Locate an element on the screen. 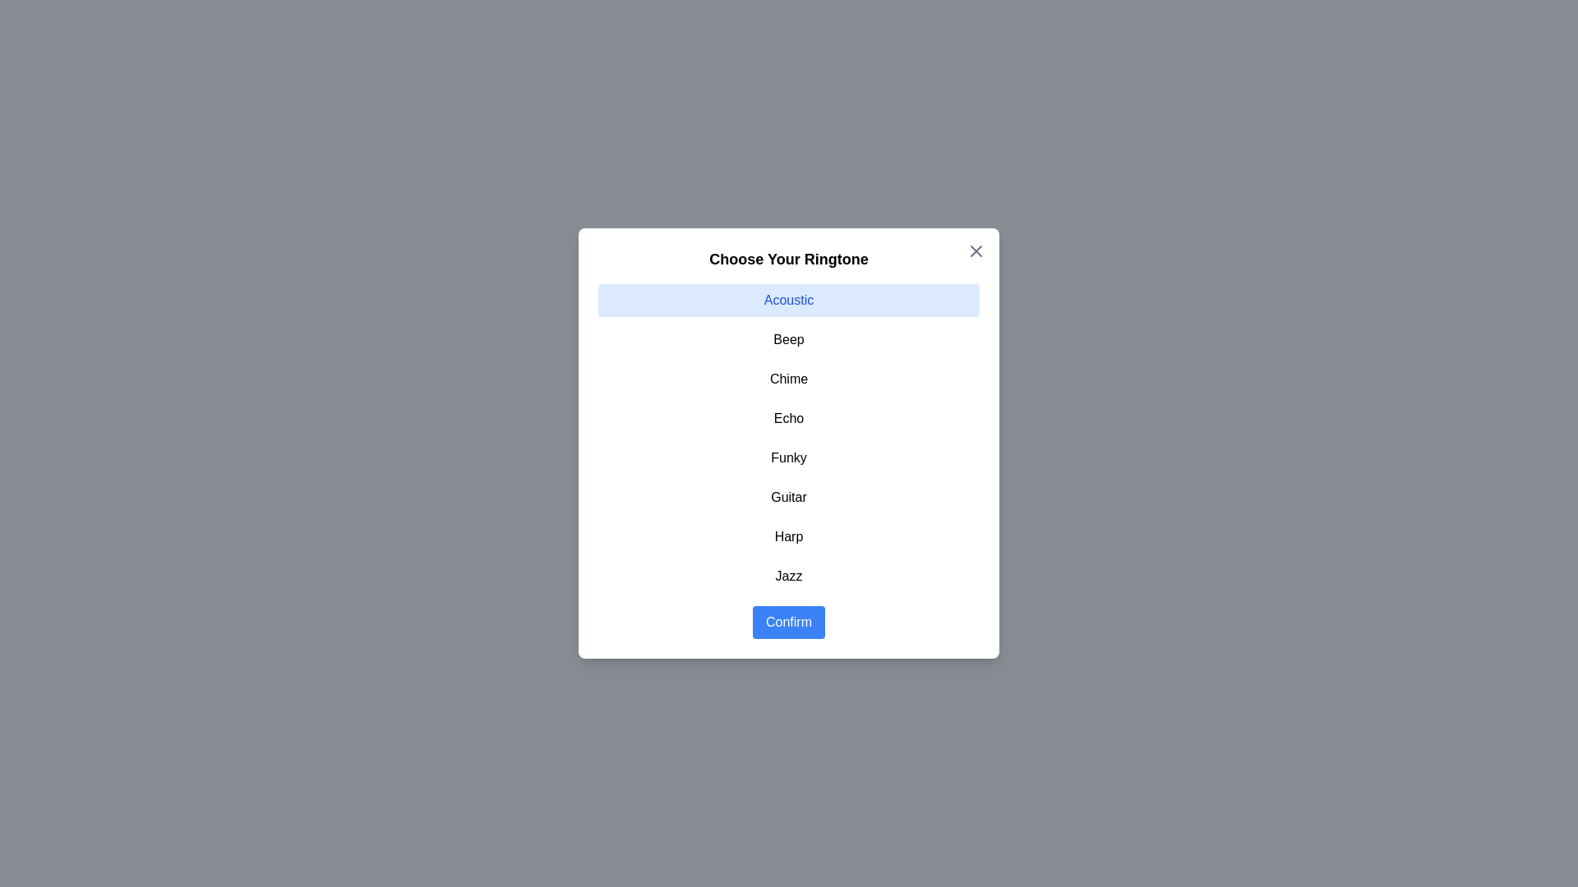  the confirm button to confirm the selected ringtone is located at coordinates (789, 623).